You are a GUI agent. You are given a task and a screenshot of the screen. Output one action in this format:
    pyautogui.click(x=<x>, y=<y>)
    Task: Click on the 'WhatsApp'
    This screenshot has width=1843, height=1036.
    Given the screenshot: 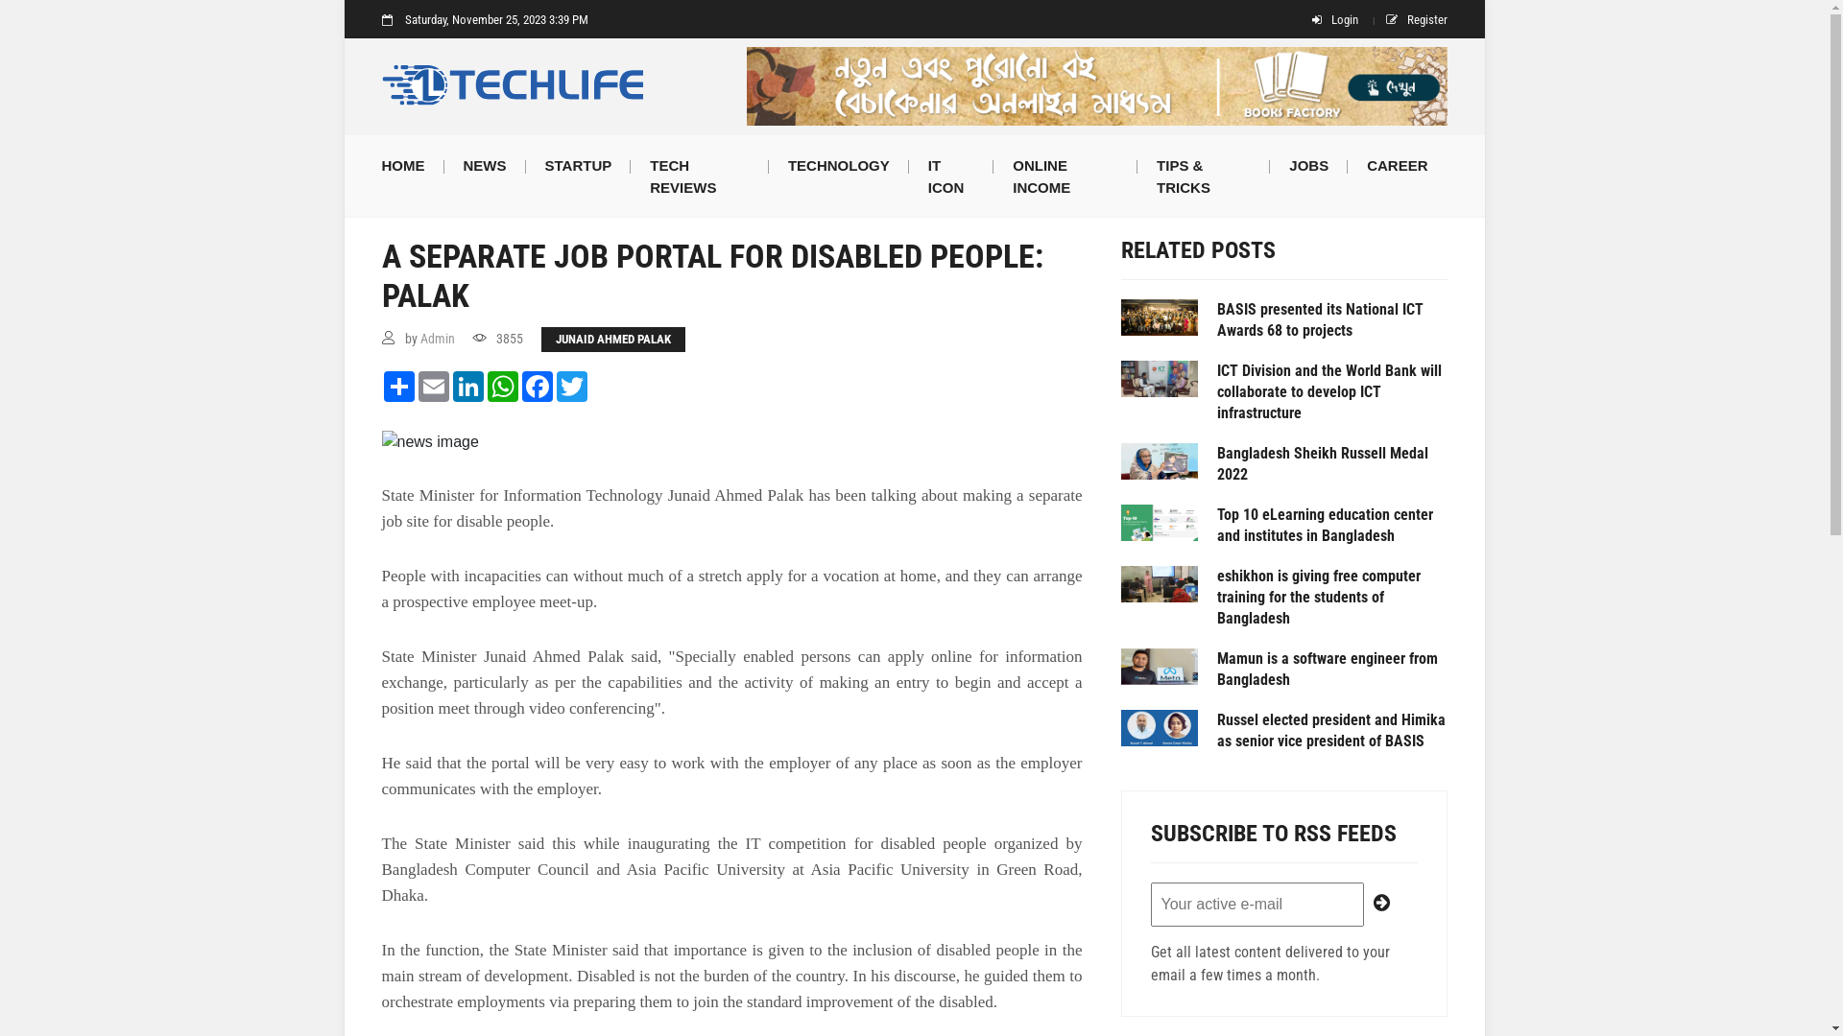 What is the action you would take?
    pyautogui.click(x=502, y=386)
    